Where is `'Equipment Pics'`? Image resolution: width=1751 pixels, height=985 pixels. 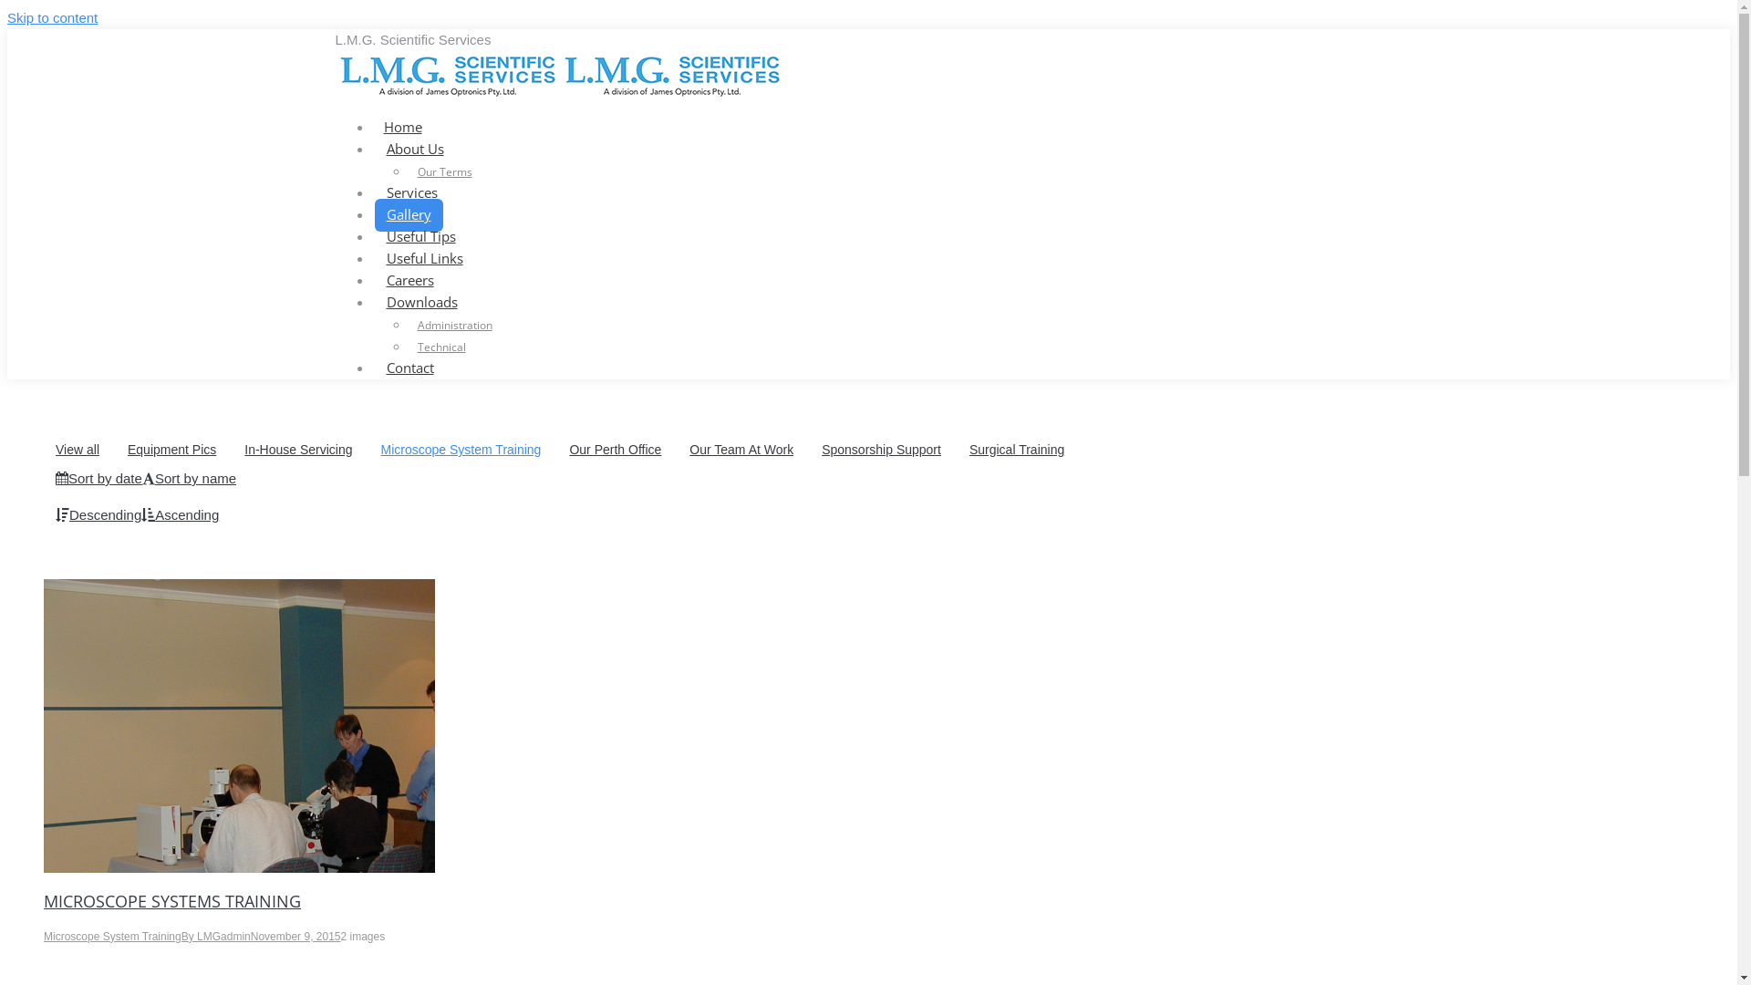
'Equipment Pics' is located at coordinates (171, 450).